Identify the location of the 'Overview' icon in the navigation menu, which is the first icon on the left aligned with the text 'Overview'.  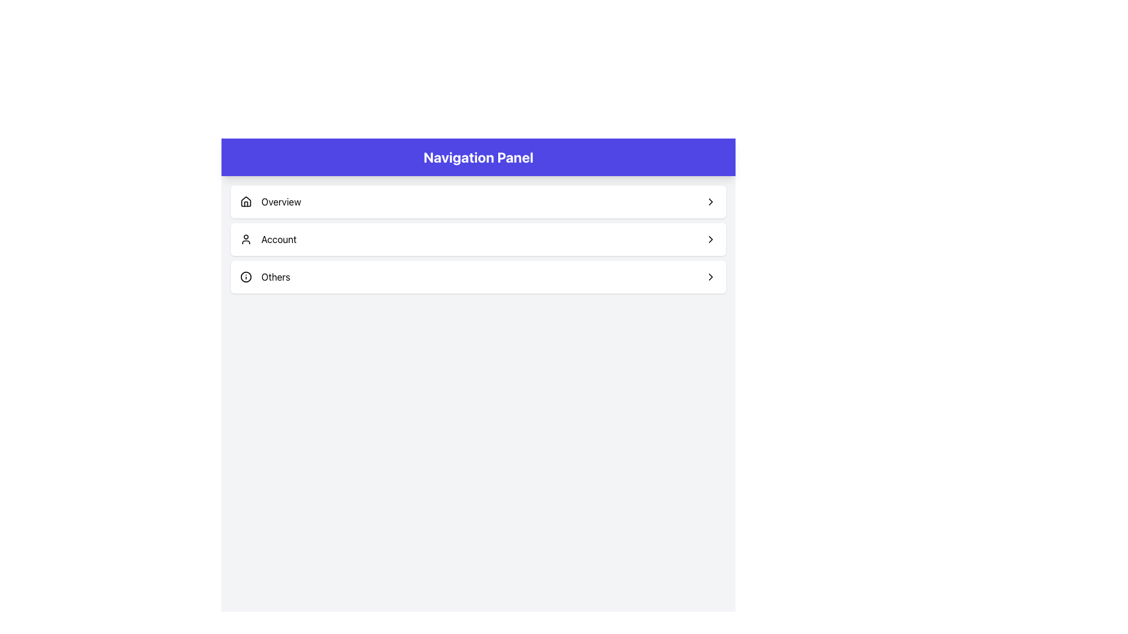
(245, 201).